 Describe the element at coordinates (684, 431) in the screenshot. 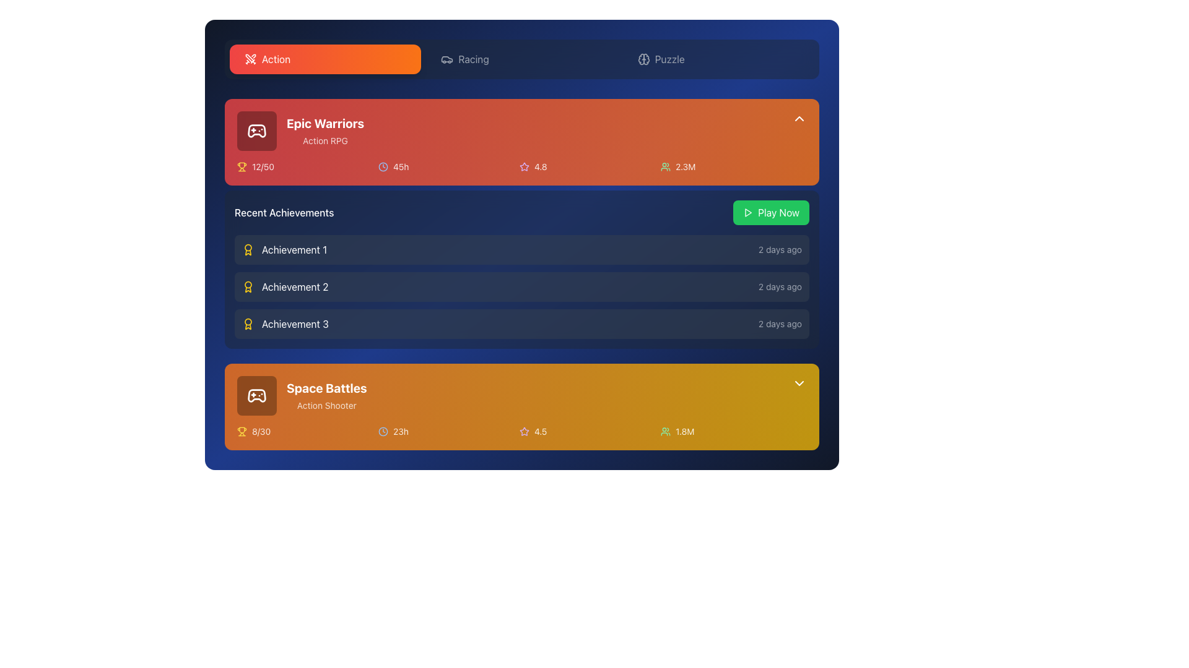

I see `the static text label displaying '1.8M' in white on a golden-yellow background, located in the bottom section of the 'Space Battles' game information card, to the right of the user icon` at that location.